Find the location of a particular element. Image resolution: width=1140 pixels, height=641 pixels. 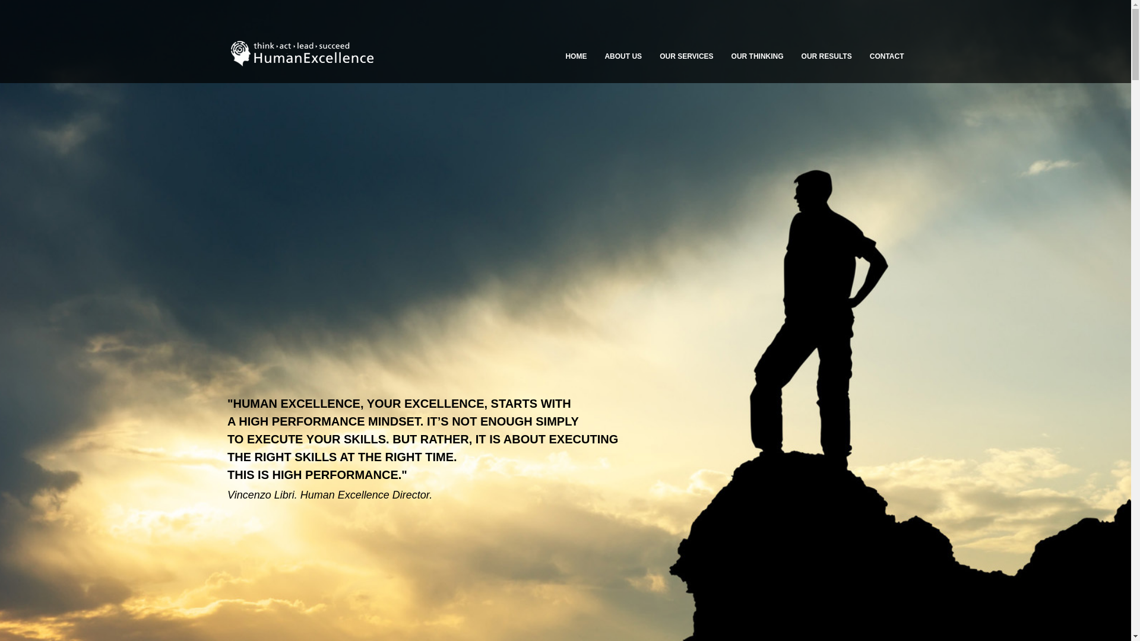

'CONTACT' is located at coordinates (886, 56).